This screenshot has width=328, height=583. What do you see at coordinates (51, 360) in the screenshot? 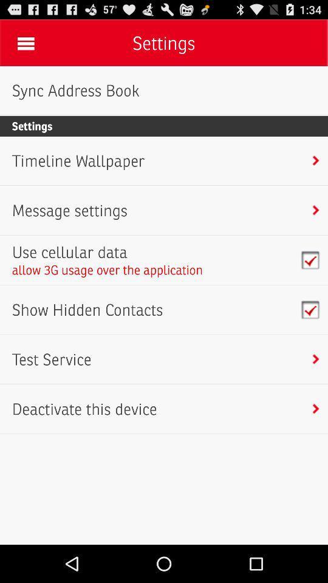
I see `test service item` at bounding box center [51, 360].